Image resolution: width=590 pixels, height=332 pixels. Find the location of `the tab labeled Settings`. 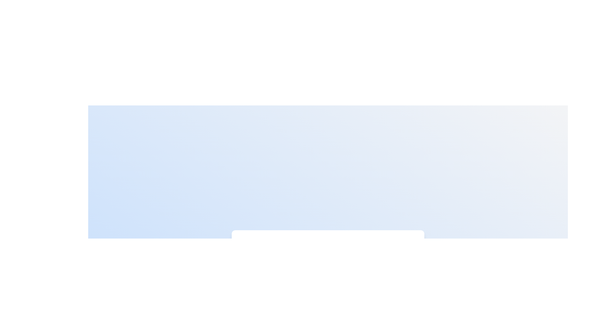

the tab labeled Settings is located at coordinates (393, 248).